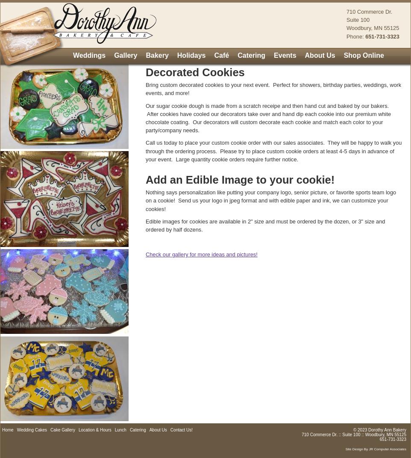  I want to click on '710 Commerce Dr.', so click(369, 11).